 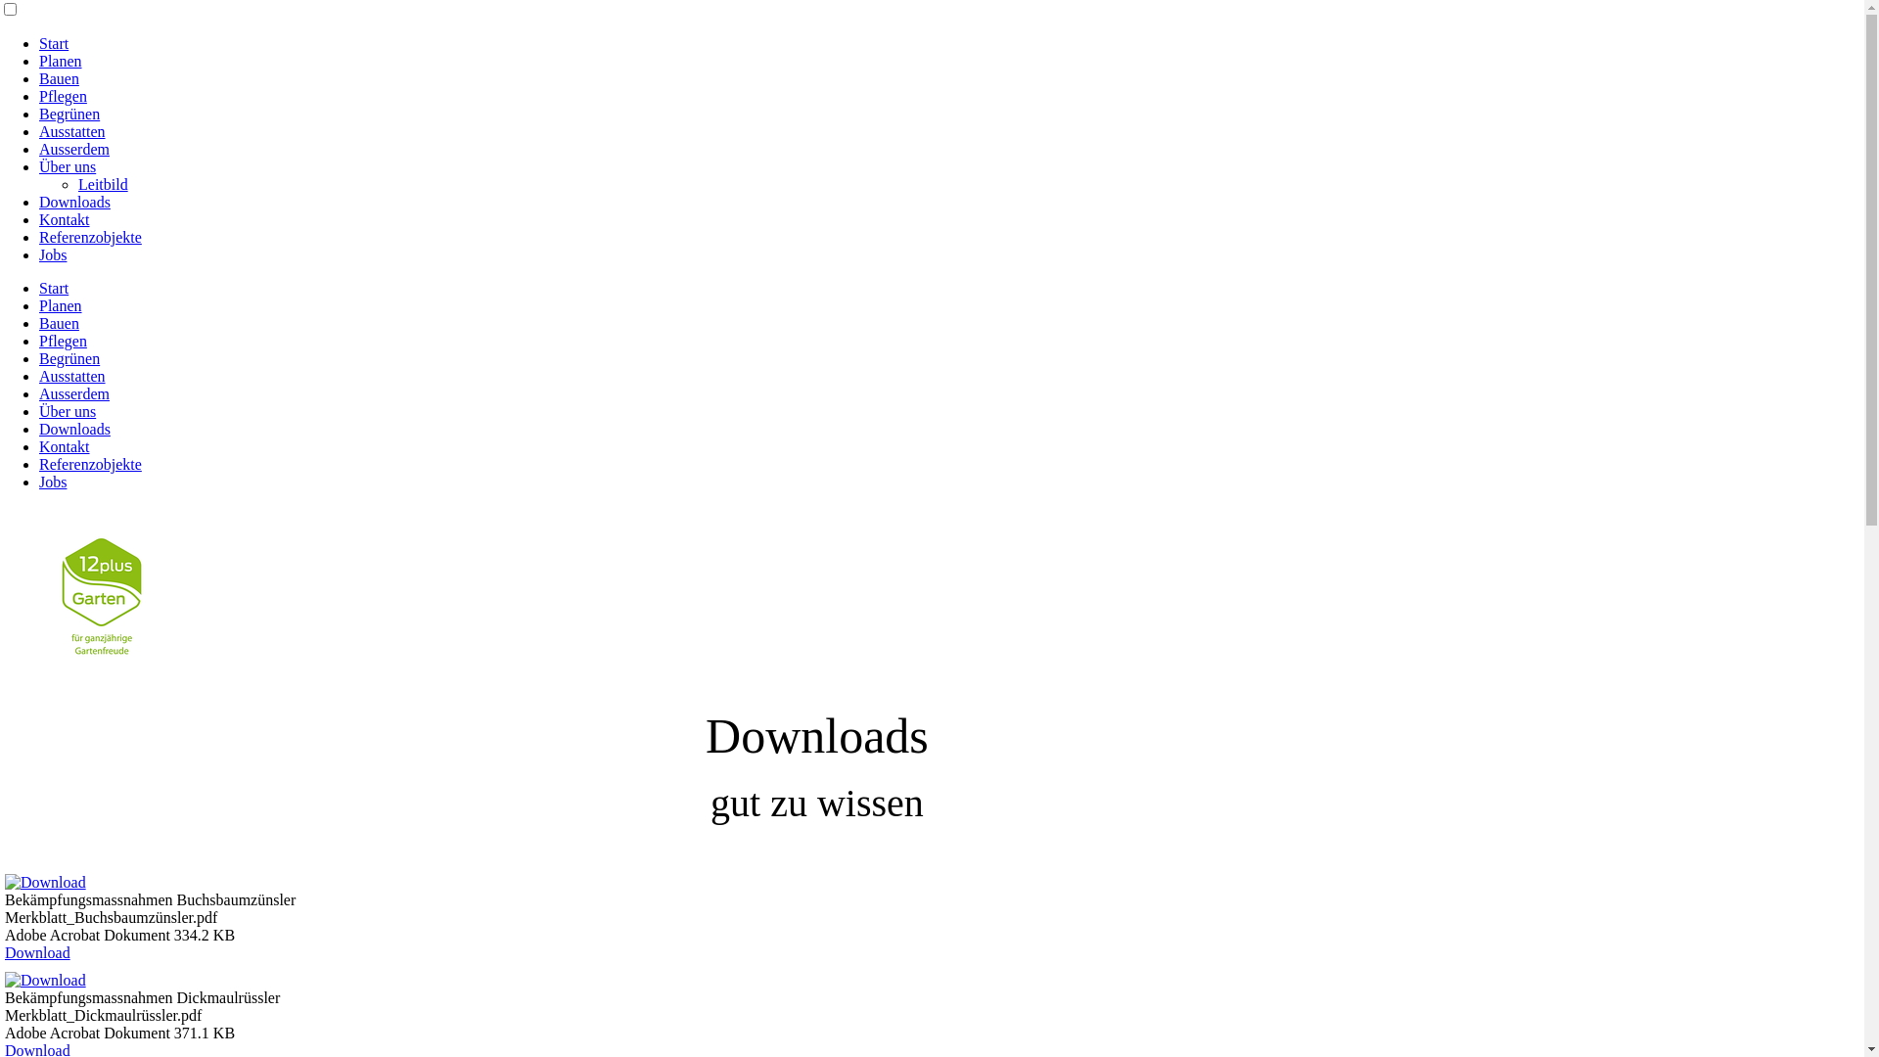 What do you see at coordinates (38, 322) in the screenshot?
I see `'Bauen'` at bounding box center [38, 322].